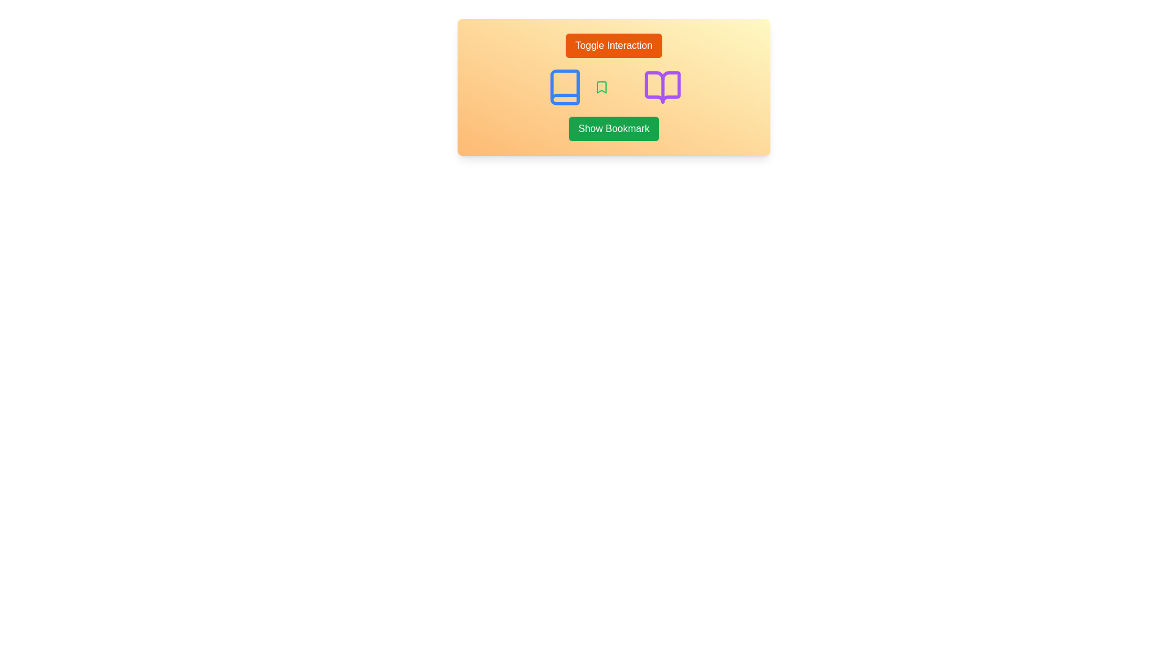  What do you see at coordinates (601, 86) in the screenshot?
I see `the bookmarking icon, which is centrally located between a blue book icon on the left and a purple book icon on the right within an orange-gradient section` at bounding box center [601, 86].